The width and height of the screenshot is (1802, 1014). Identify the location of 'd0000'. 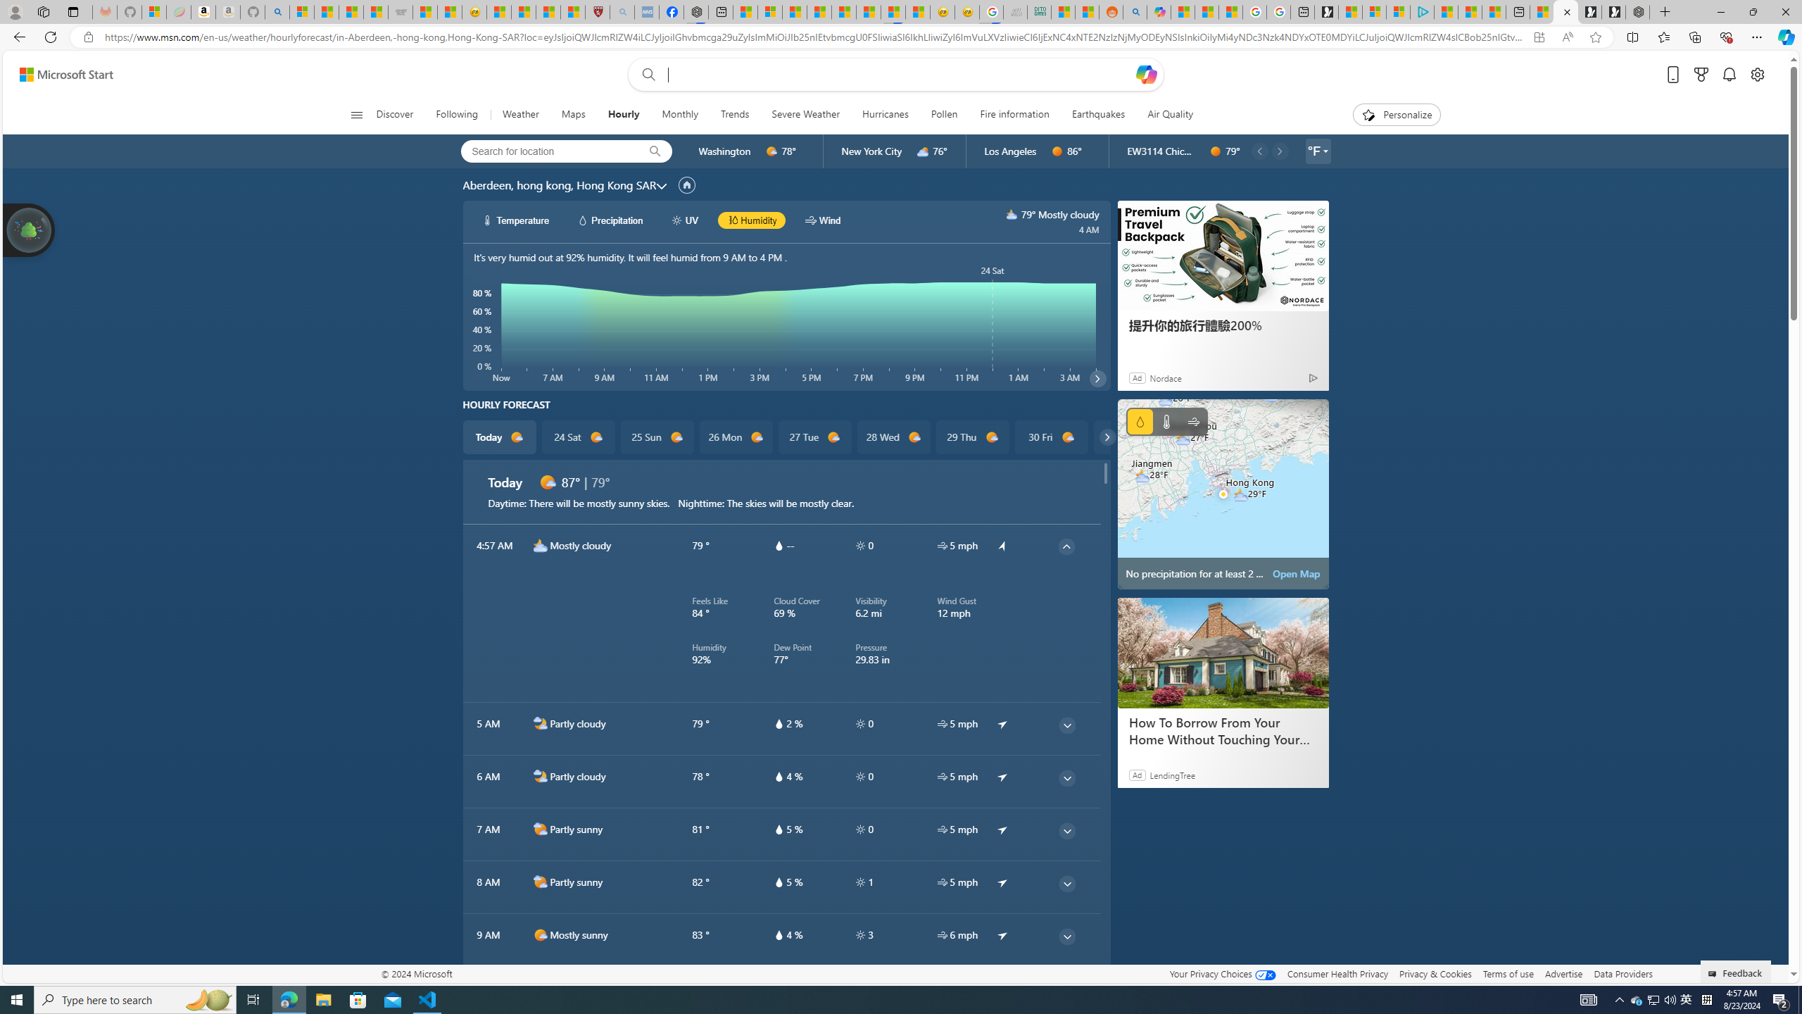
(1214, 151).